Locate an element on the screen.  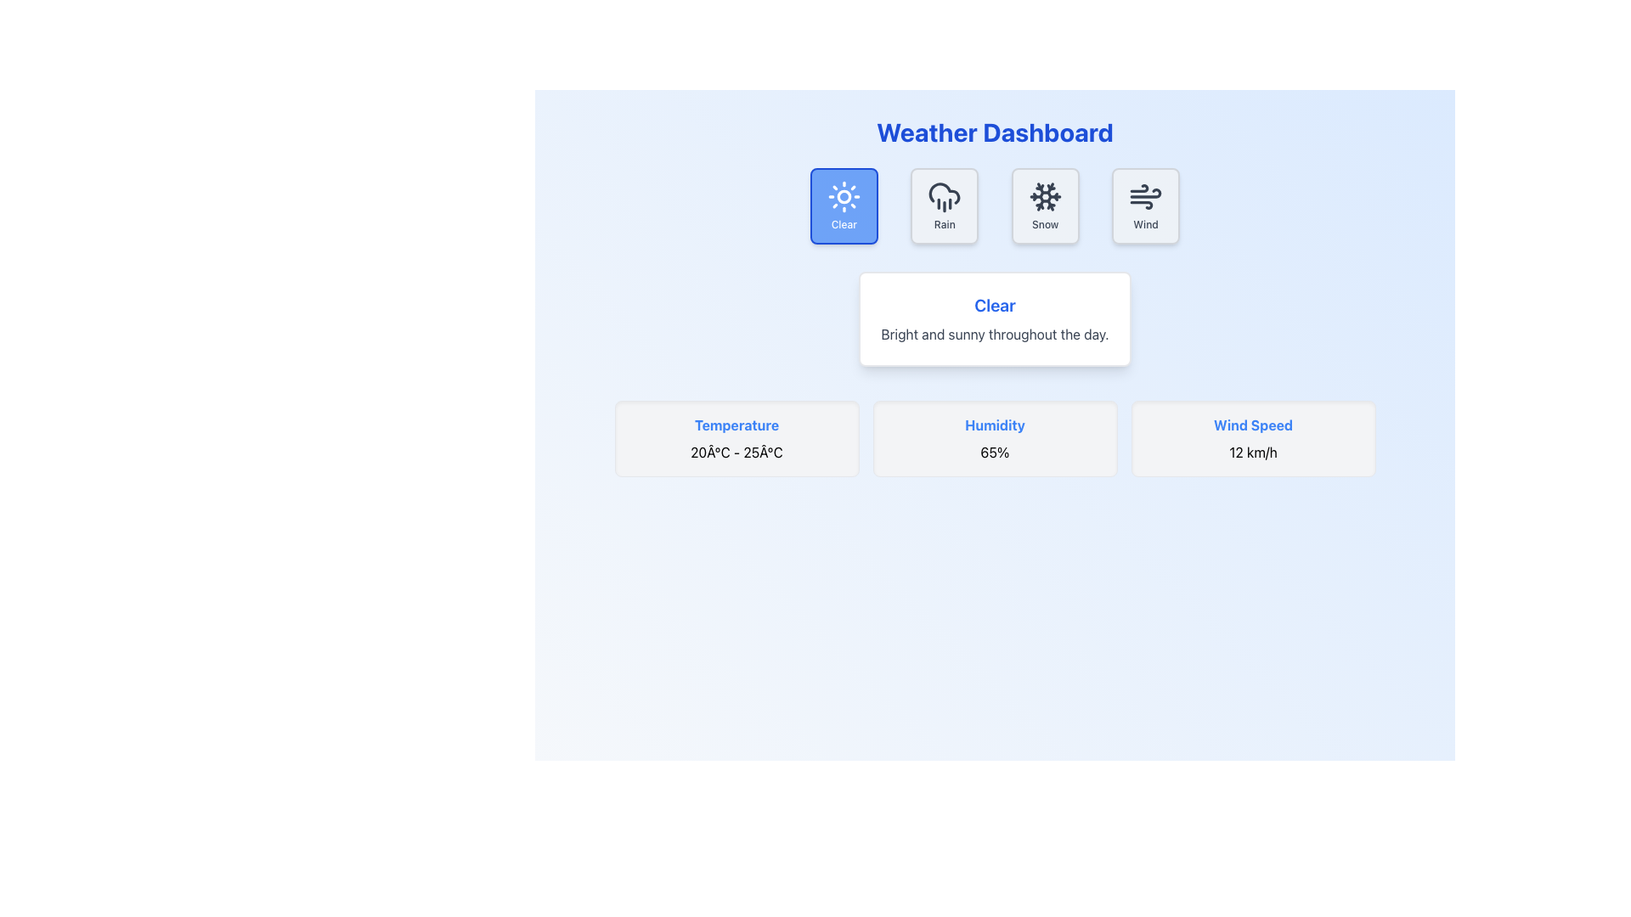
the 'Wind' weather condition button located as the fourth button in the toolbar, to the far right next to the 'Snow' button is located at coordinates (1145, 205).